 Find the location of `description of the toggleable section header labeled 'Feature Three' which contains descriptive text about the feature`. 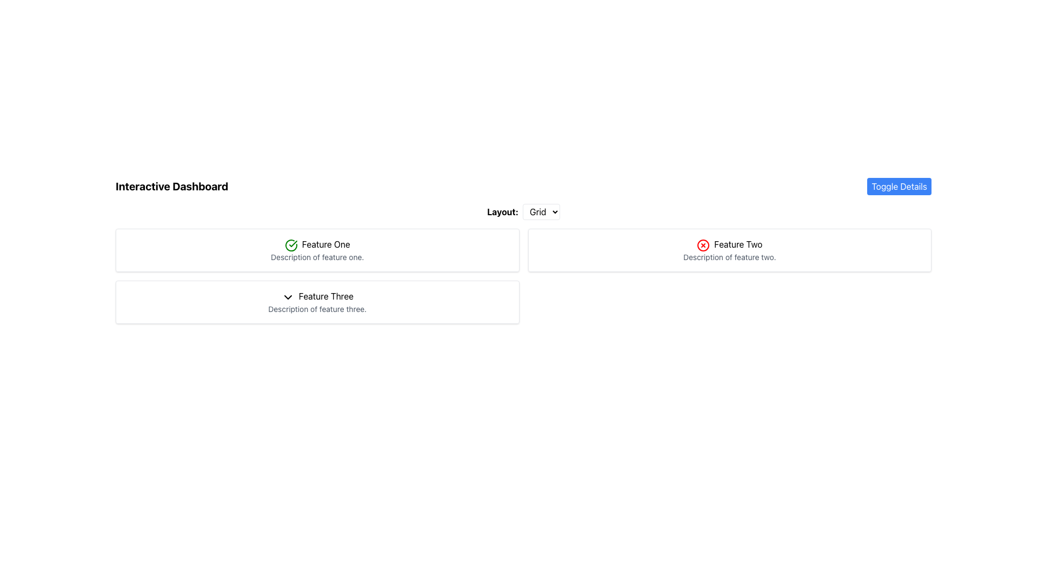

description of the toggleable section header labeled 'Feature Three' which contains descriptive text about the feature is located at coordinates (317, 302).